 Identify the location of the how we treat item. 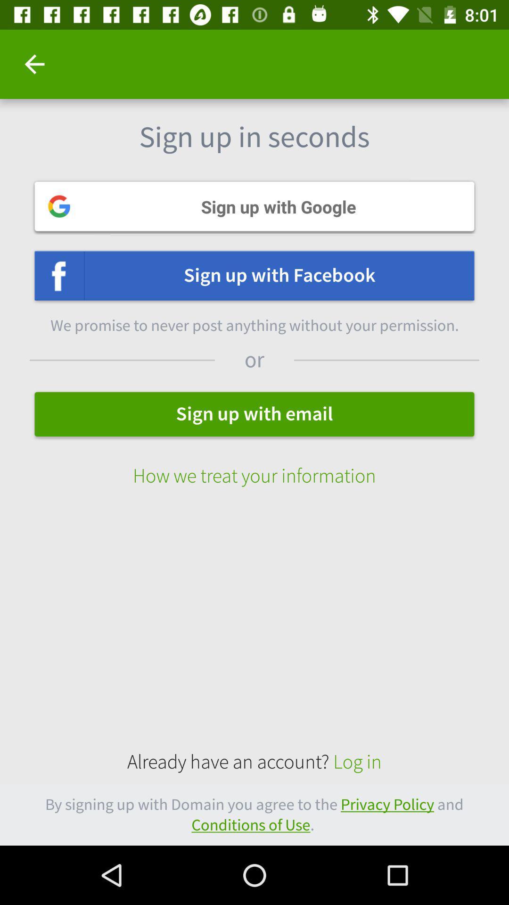
(254, 466).